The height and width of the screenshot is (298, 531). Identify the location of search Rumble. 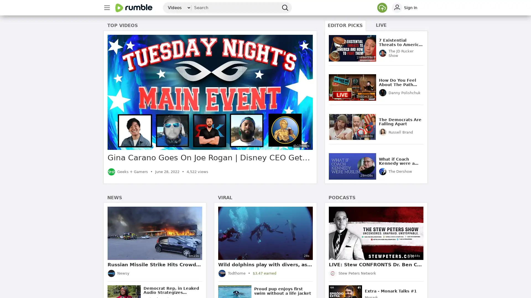
(285, 7).